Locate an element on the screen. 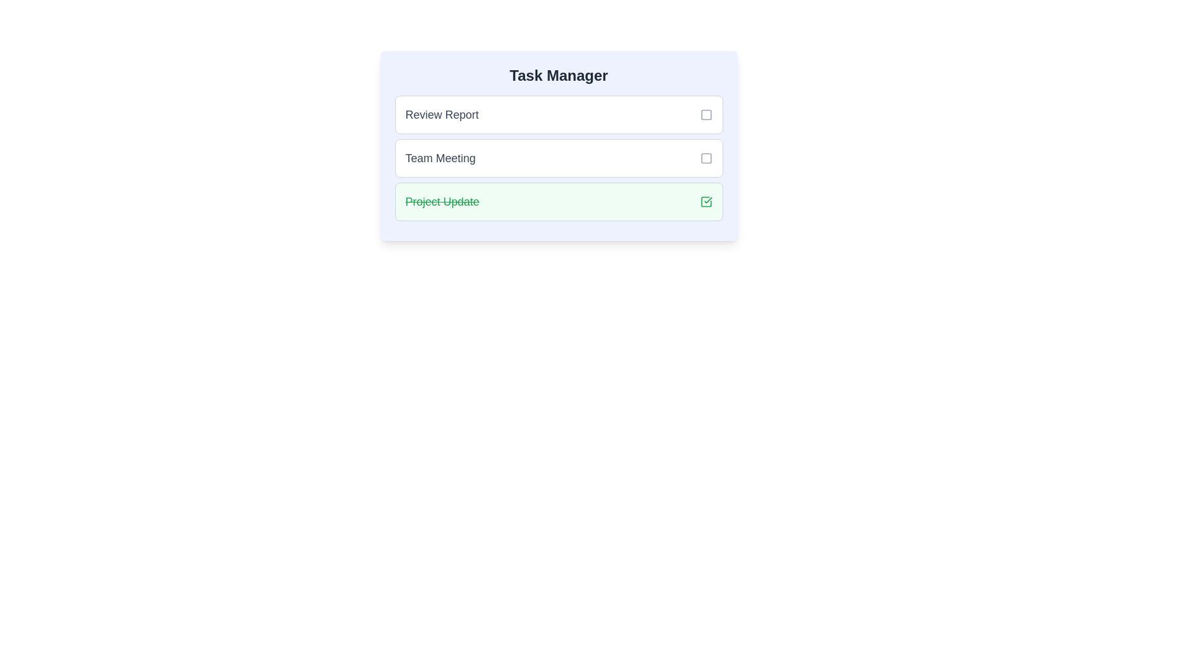  text of the 'Team Meeting' label, which is displayed in a medium-sized light gray font within a white background box, located in the second row of the task manager interface is located at coordinates (441, 157).